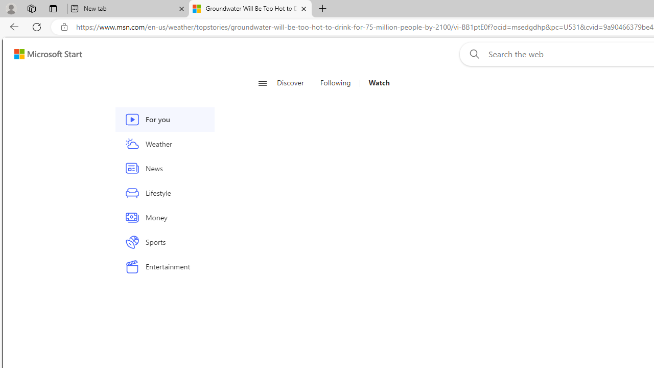 This screenshot has width=654, height=368. What do you see at coordinates (472, 54) in the screenshot?
I see `'Web search'` at bounding box center [472, 54].